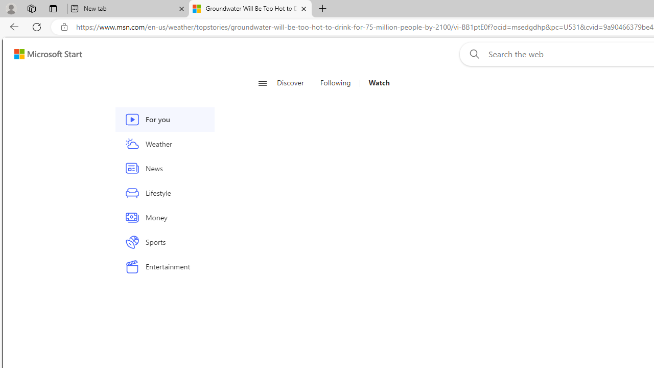 This screenshot has width=654, height=368. What do you see at coordinates (472, 54) in the screenshot?
I see `'Web search'` at bounding box center [472, 54].